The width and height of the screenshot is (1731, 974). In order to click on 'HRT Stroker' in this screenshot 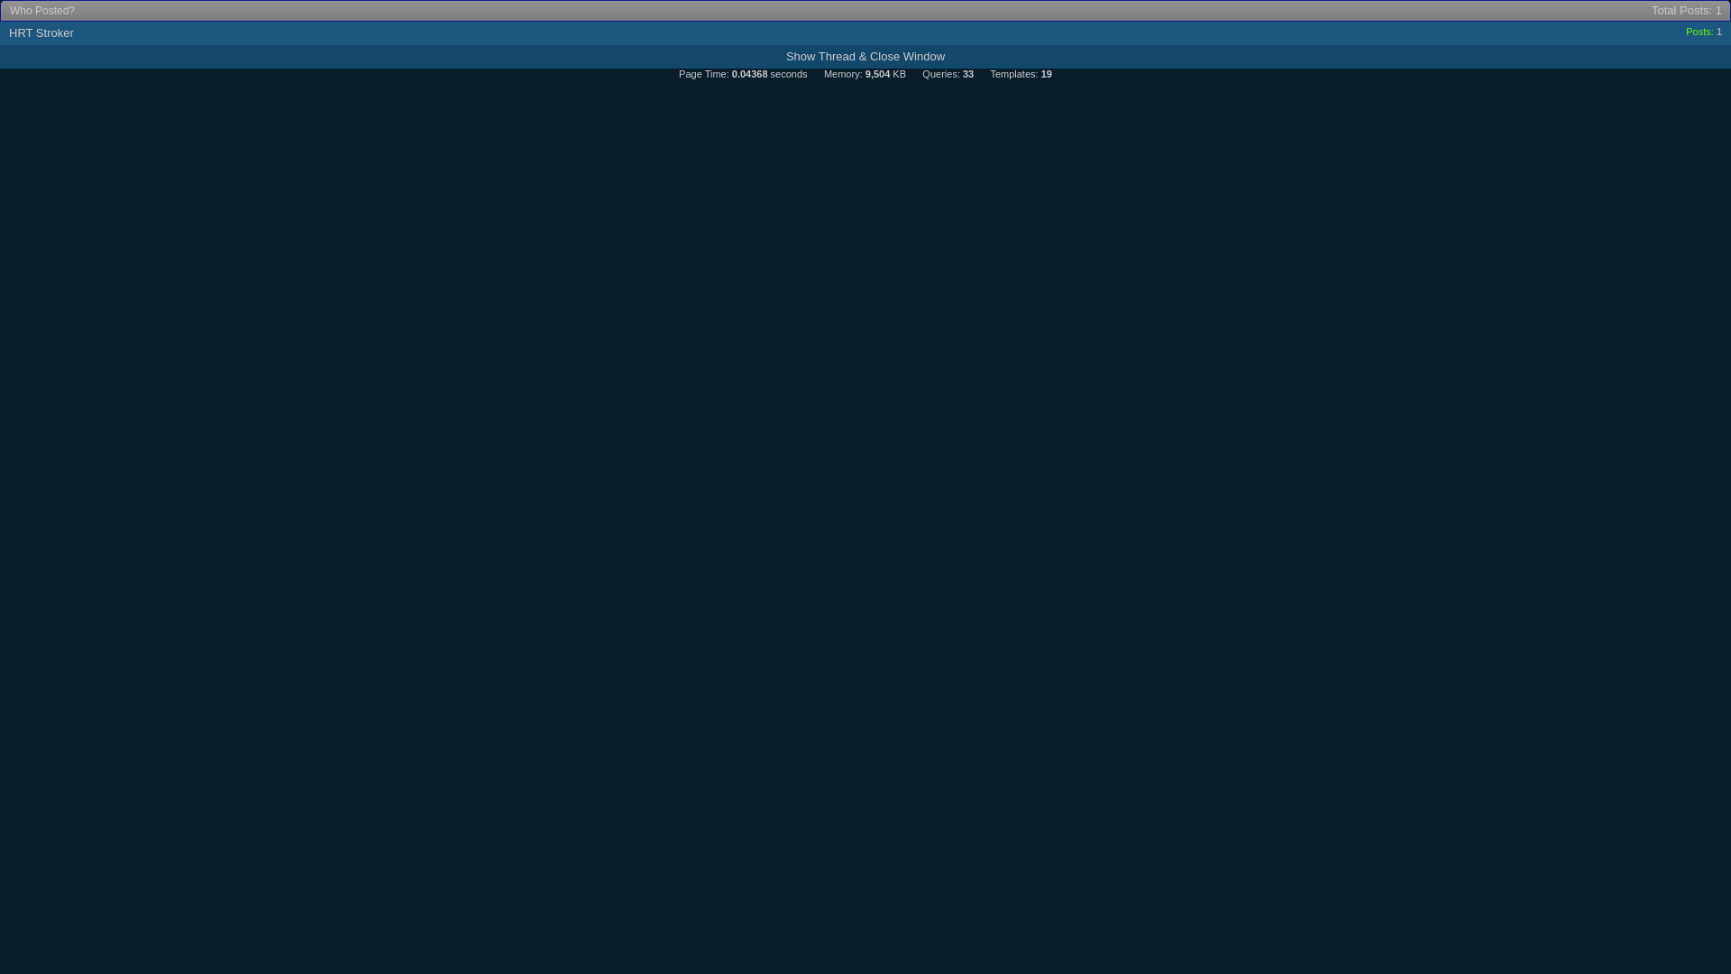, I will do `click(41, 32)`.